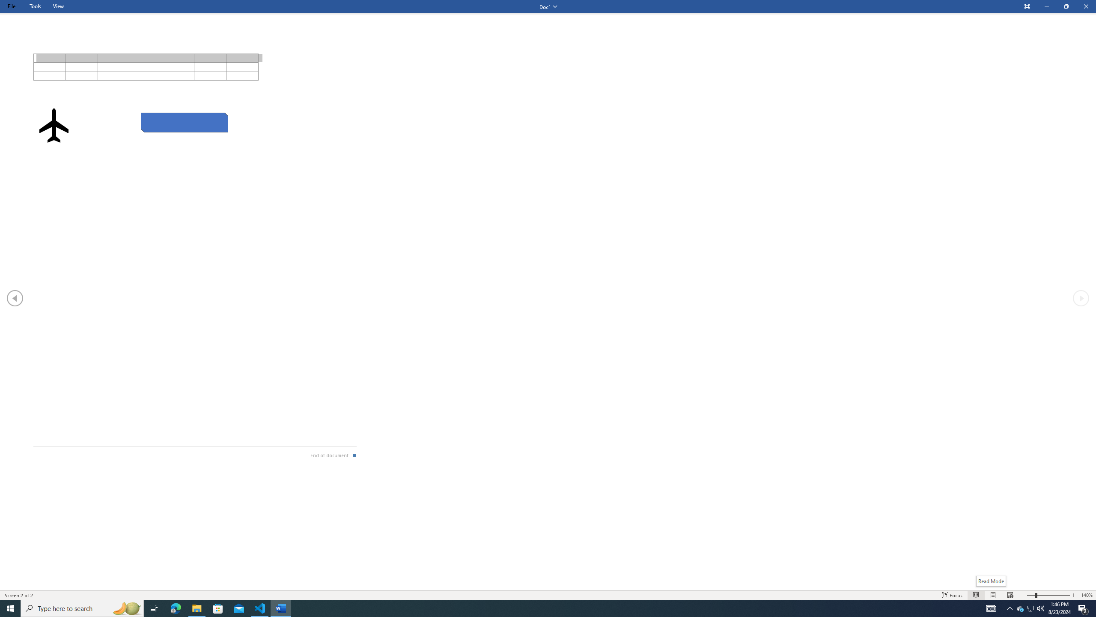  I want to click on 'Tools', so click(35, 6).